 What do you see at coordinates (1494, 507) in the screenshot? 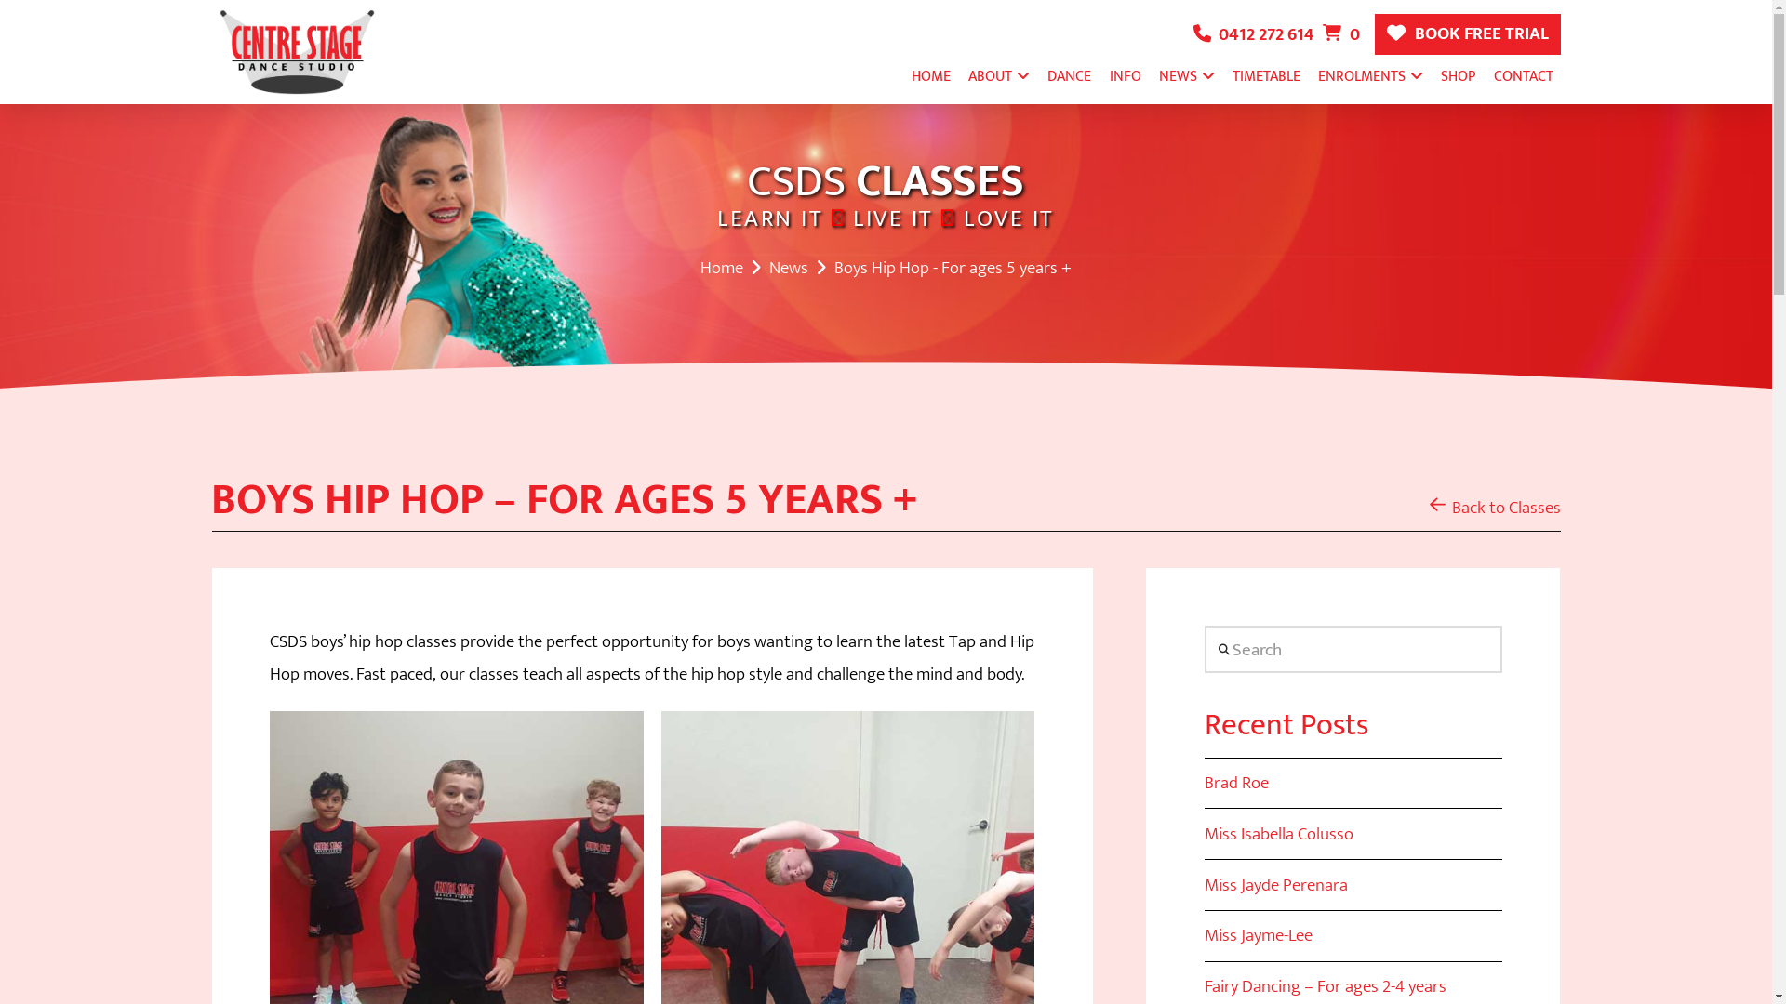
I see `'Back to Classes'` at bounding box center [1494, 507].